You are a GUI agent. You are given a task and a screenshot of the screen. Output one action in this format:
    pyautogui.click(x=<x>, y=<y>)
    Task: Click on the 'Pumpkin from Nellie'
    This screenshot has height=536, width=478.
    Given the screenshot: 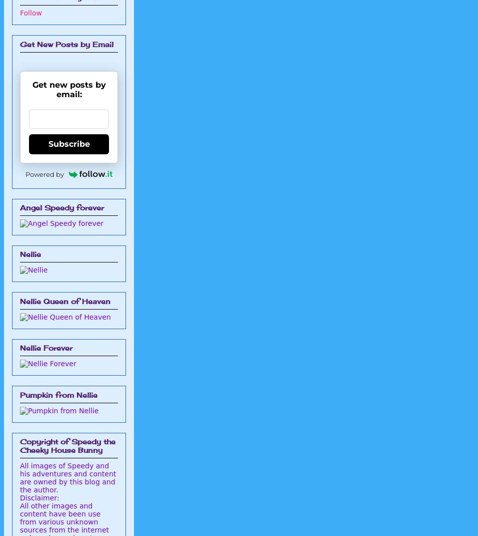 What is the action you would take?
    pyautogui.click(x=58, y=394)
    